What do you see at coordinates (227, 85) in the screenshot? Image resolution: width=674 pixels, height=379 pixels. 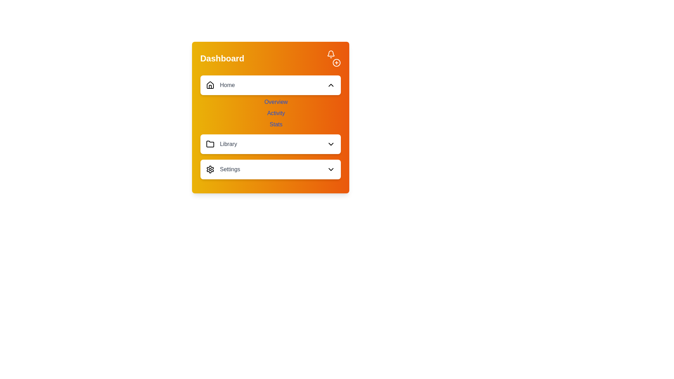 I see `the 'Home' text label, which is styled with medium font weight and gray color, located in the top section of the interface next to a house icon` at bounding box center [227, 85].